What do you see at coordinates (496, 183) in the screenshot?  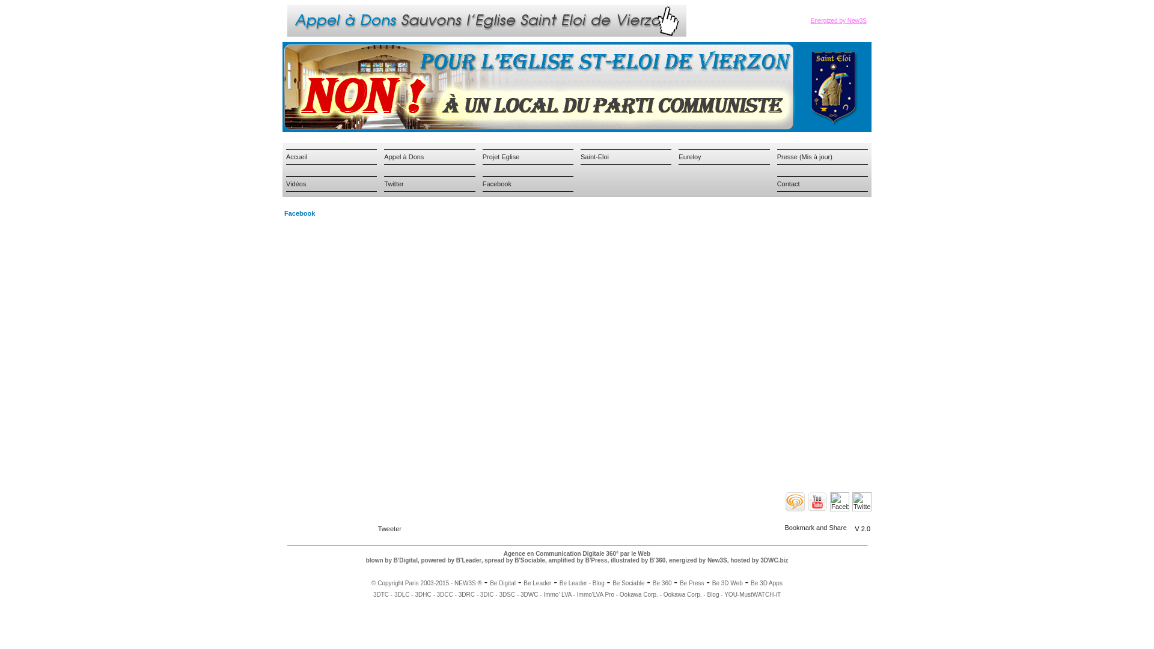 I see `'Facebook'` at bounding box center [496, 183].